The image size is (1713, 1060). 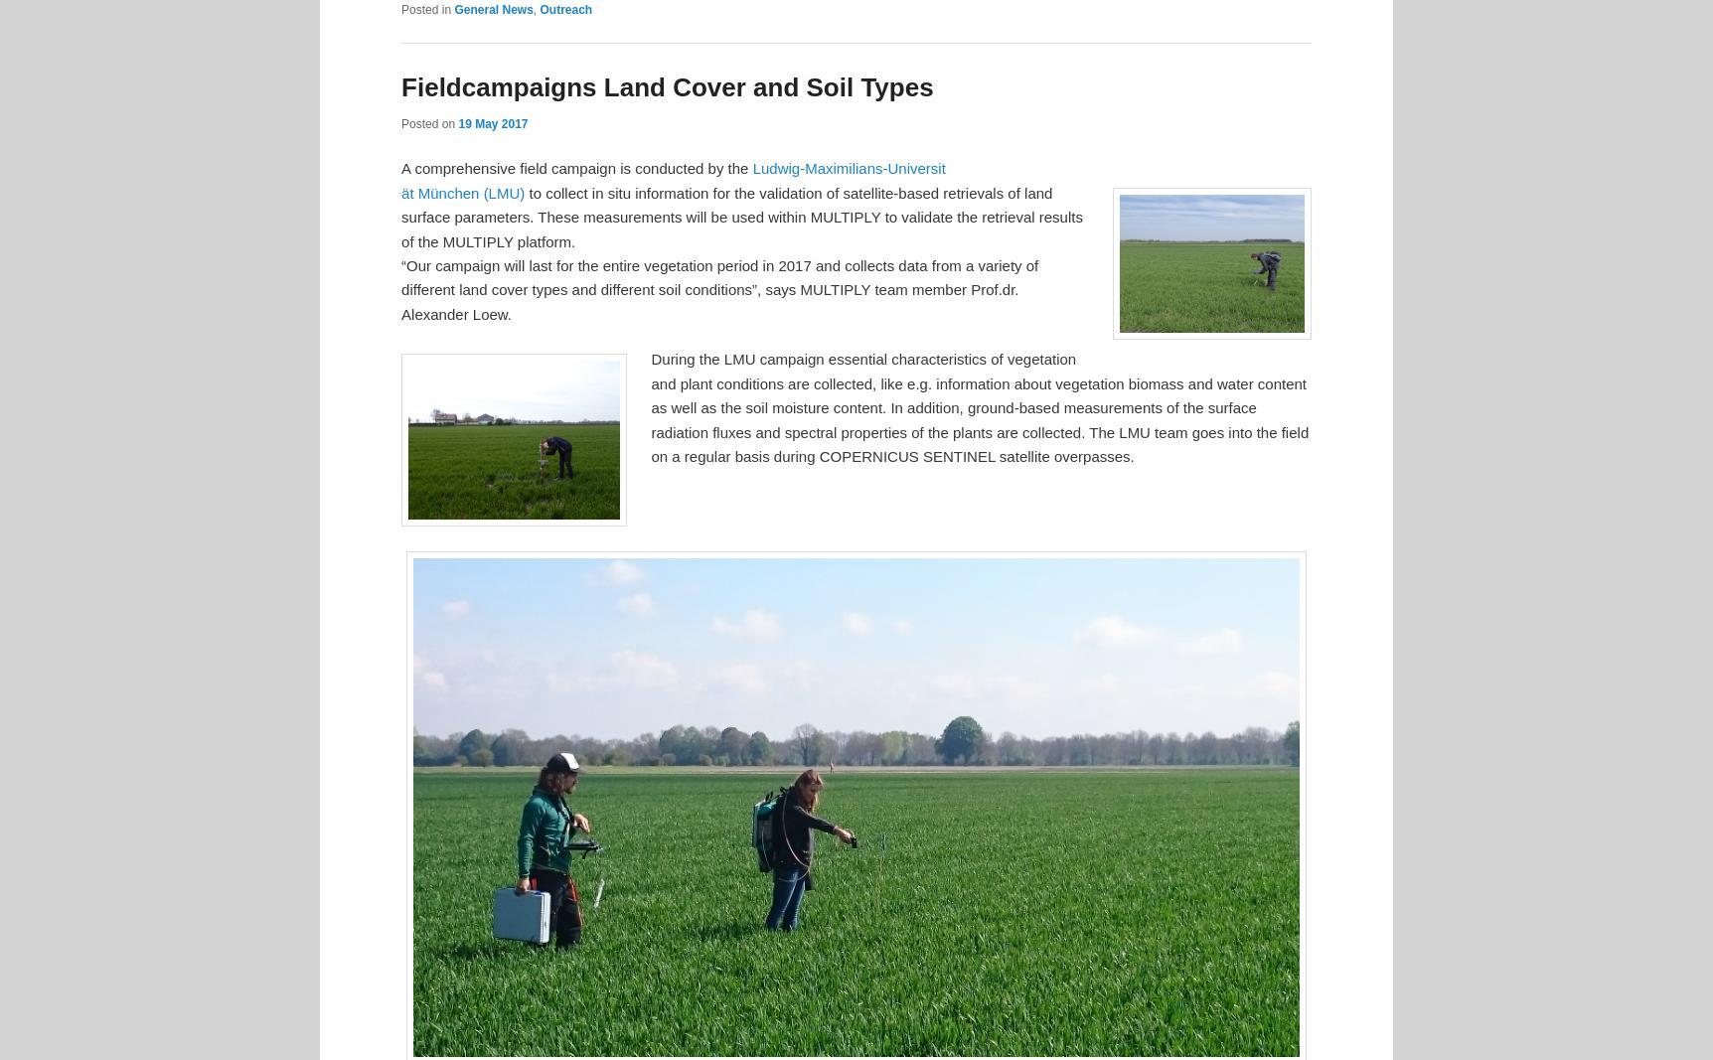 What do you see at coordinates (457, 123) in the screenshot?
I see `'19 May 2017'` at bounding box center [457, 123].